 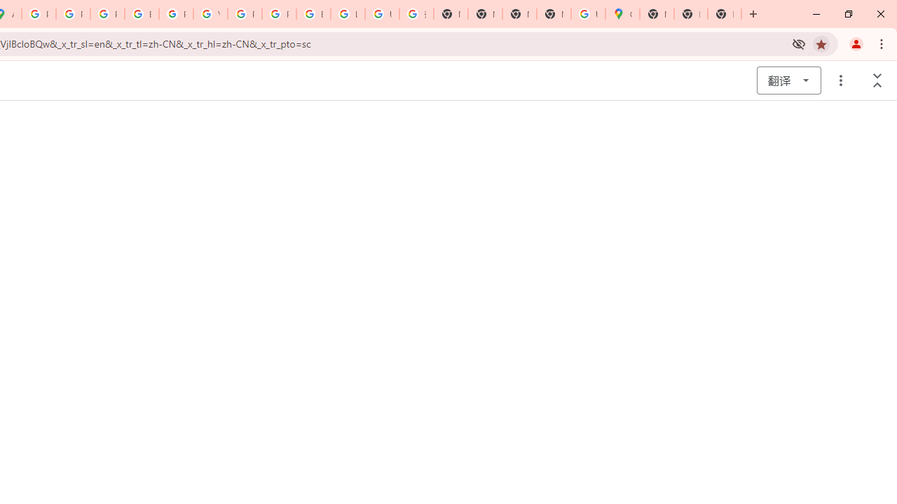 What do you see at coordinates (798, 43) in the screenshot?
I see `'Third-party cookies blocked'` at bounding box center [798, 43].